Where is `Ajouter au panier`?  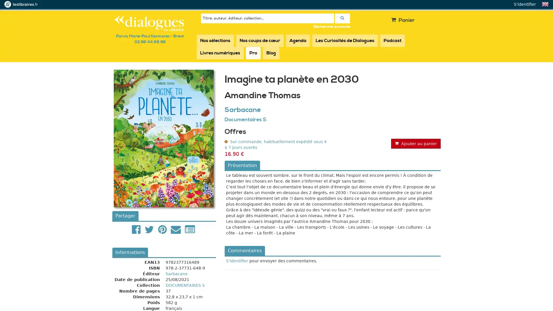
Ajouter au panier is located at coordinates (416, 143).